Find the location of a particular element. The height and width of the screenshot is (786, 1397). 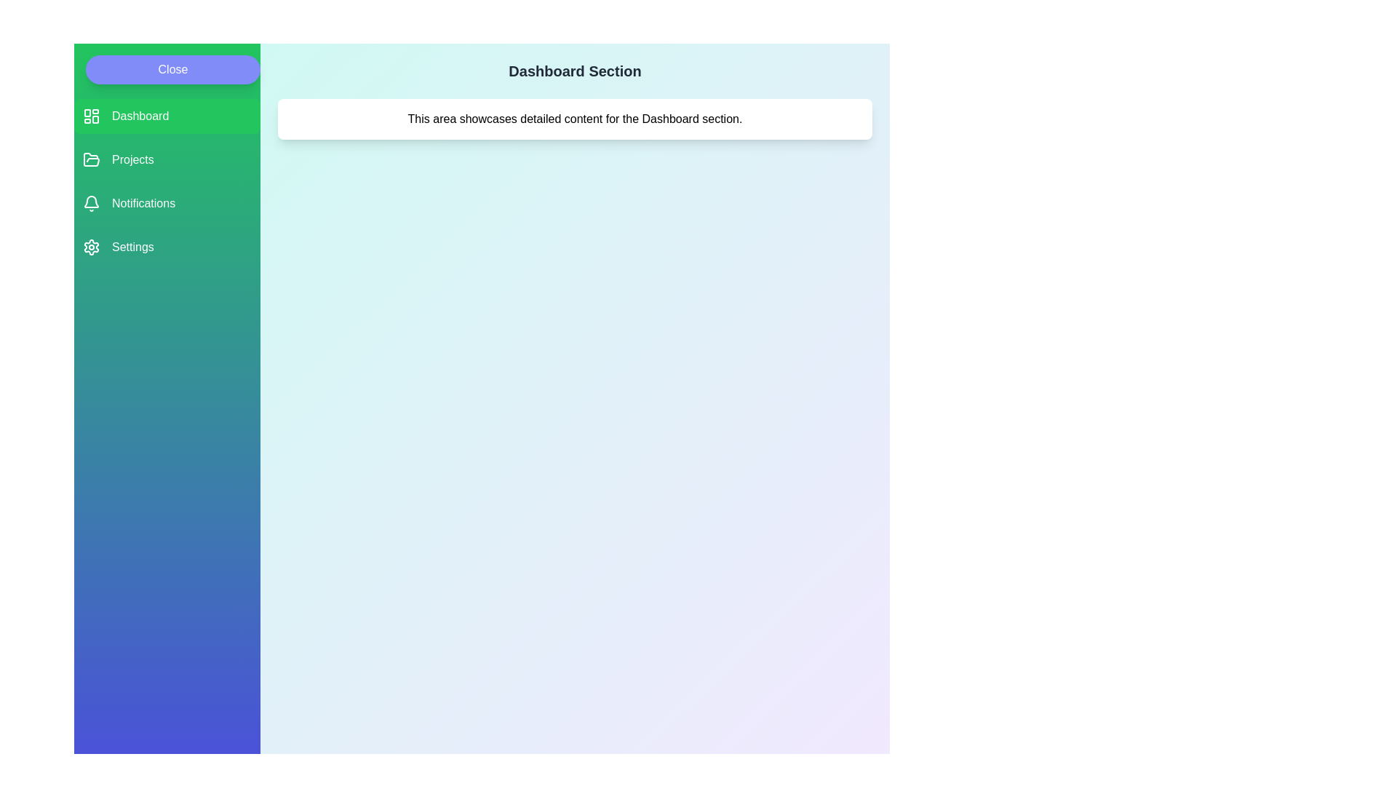

the menu item labeled Settings to see its hover effect is located at coordinates (167, 246).